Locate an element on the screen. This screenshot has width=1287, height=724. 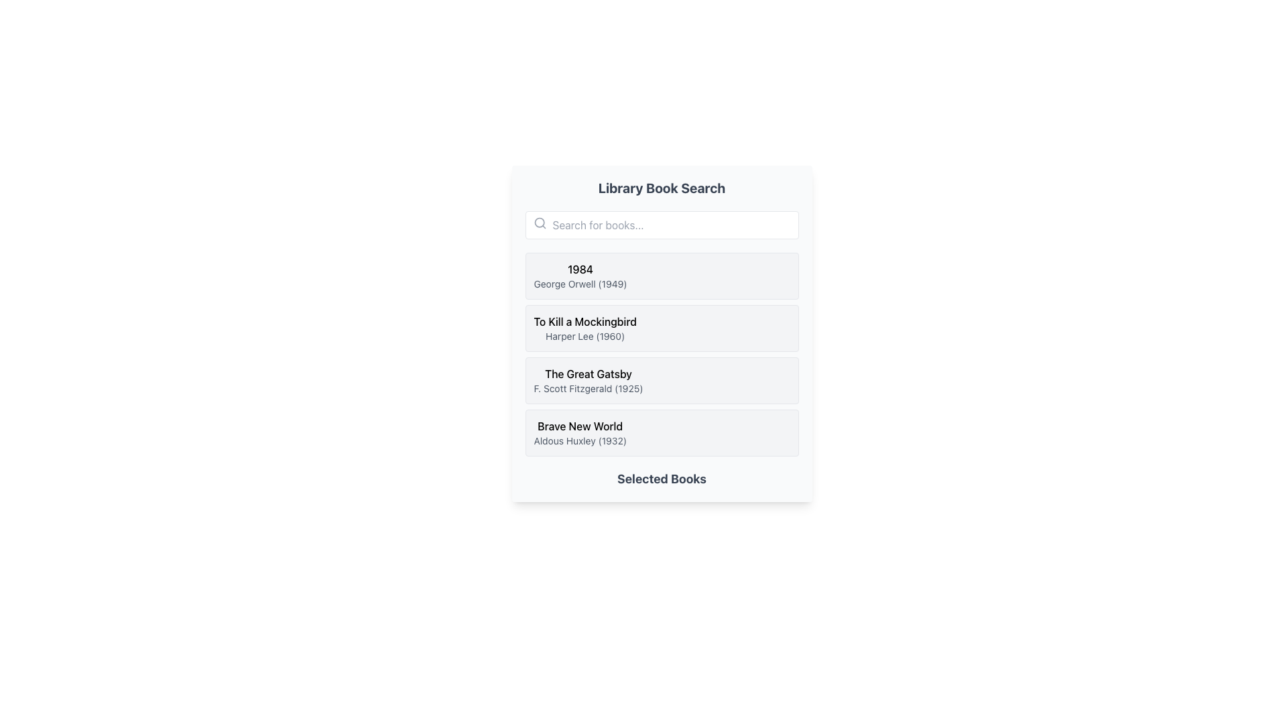
the third selectable item in the list representing the book 'The Great Gatsby' is located at coordinates (662, 380).